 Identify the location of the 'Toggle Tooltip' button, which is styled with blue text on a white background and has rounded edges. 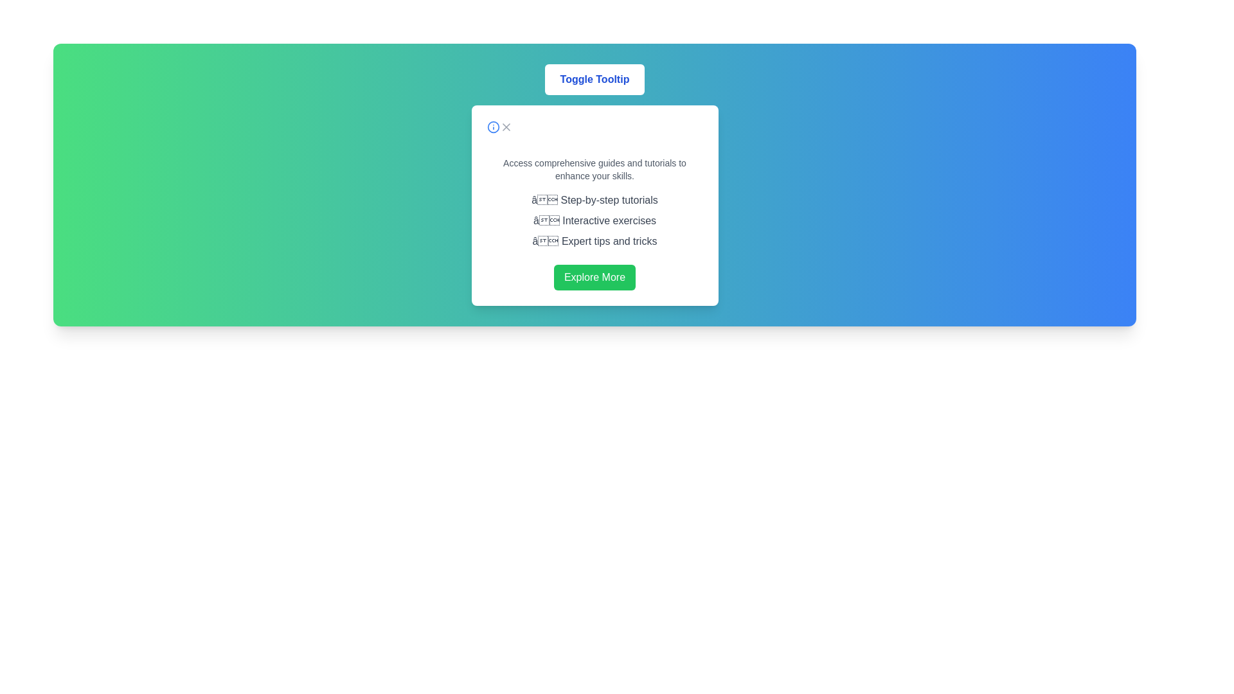
(594, 79).